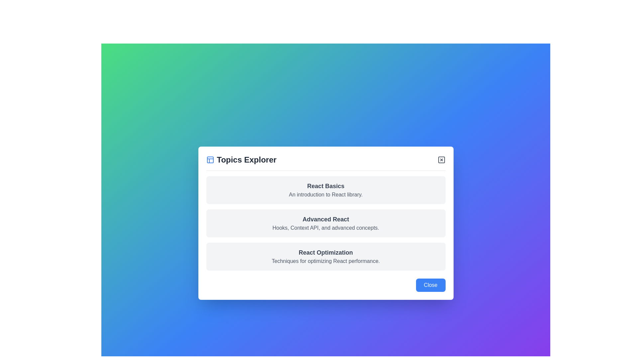 The width and height of the screenshot is (638, 359). I want to click on the Text label located within the 'Advanced React' card, which provides a brief summary of the topics covered, so click(326, 227).